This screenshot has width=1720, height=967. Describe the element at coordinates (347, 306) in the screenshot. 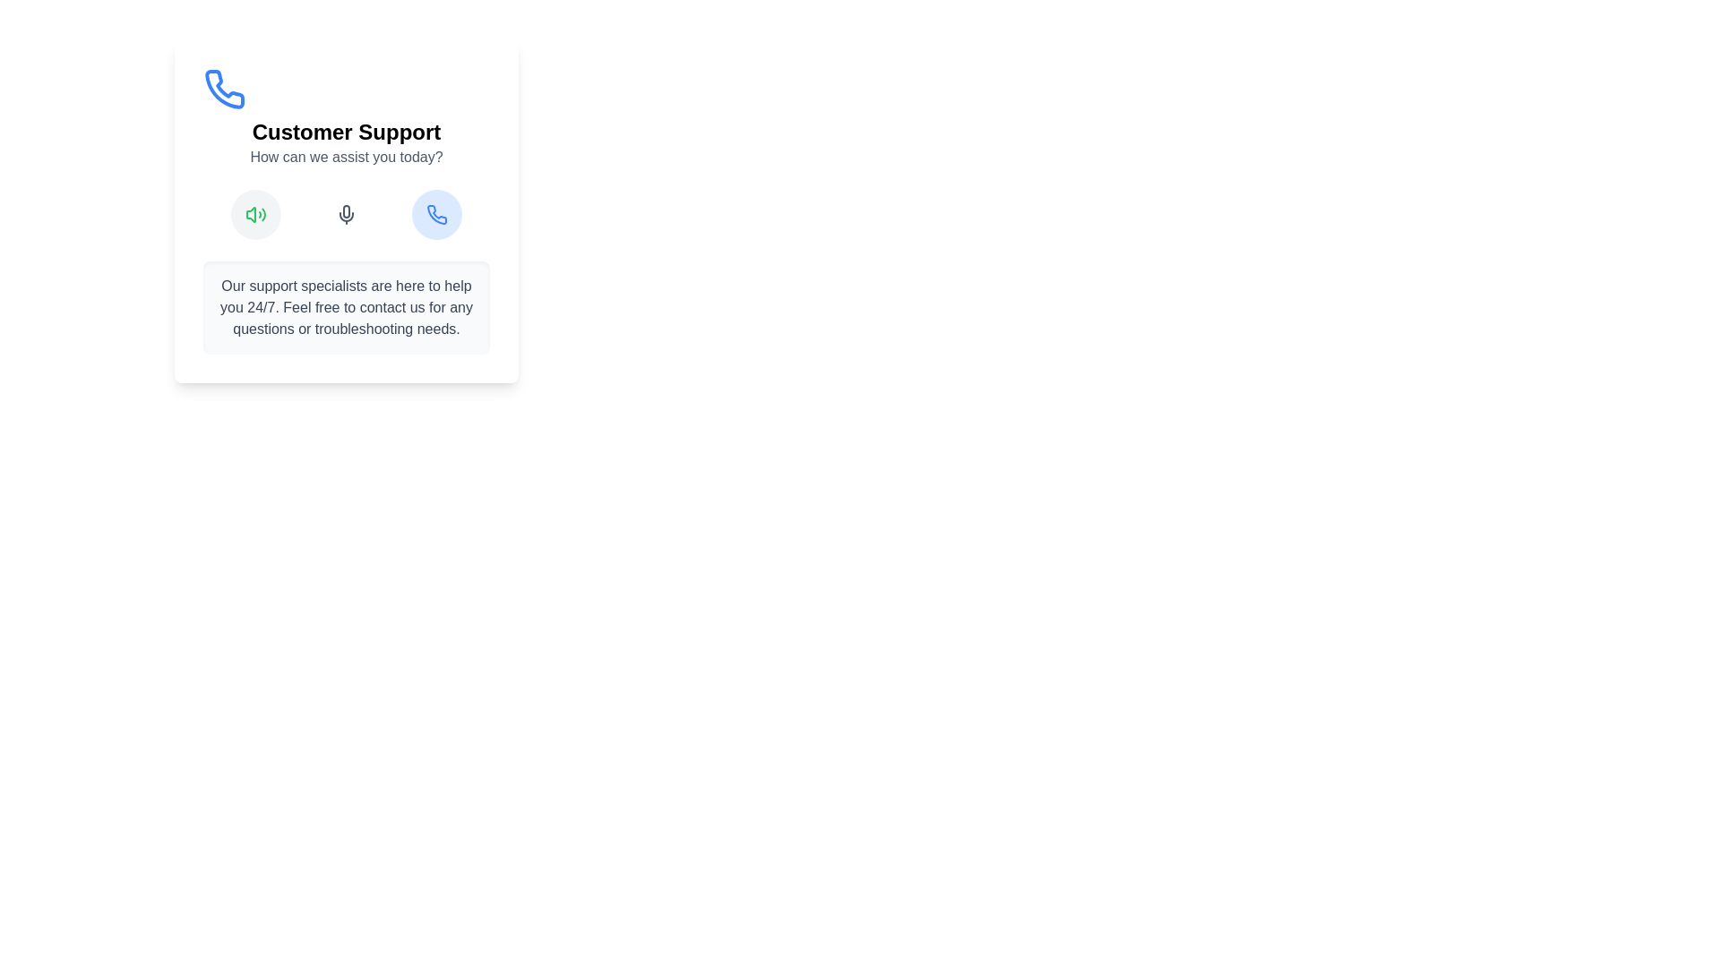

I see `the text block styled in gray font that reads 'Our support specialists are here` at that location.